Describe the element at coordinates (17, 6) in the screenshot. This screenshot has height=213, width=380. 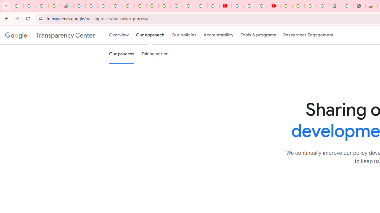
I see `'Google Workspace Admin Community'` at that location.